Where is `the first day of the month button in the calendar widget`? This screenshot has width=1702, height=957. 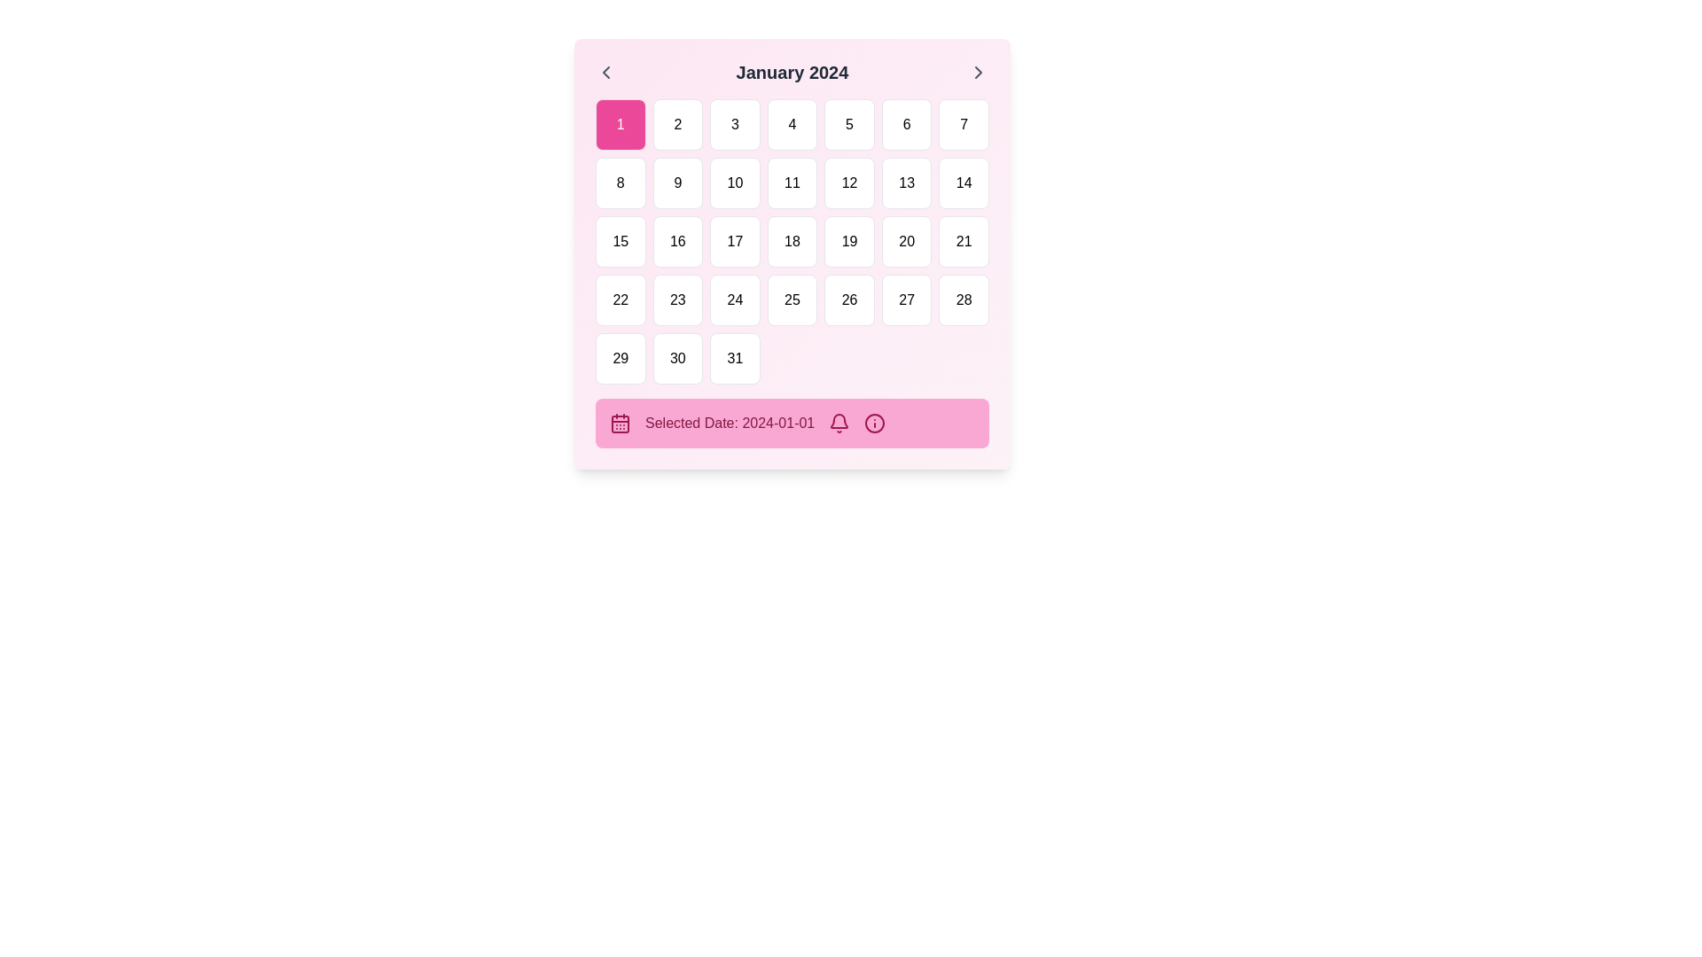 the first day of the month button in the calendar widget is located at coordinates (621, 124).